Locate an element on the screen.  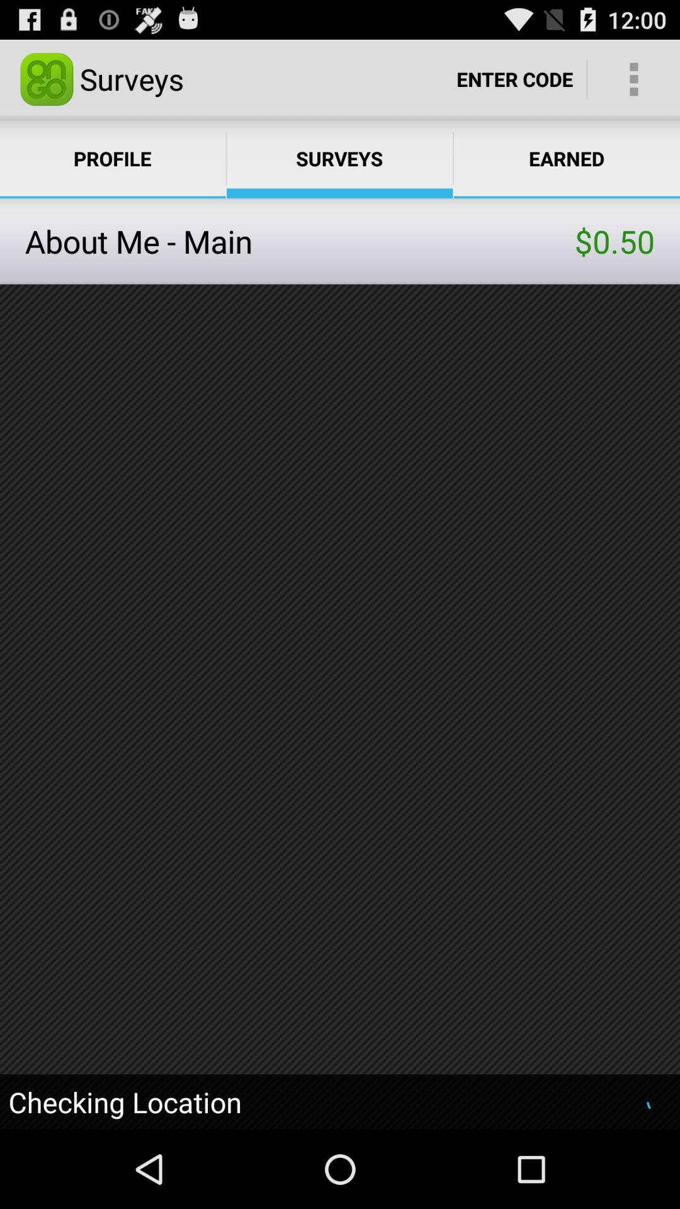
$0.50 is located at coordinates (614, 241).